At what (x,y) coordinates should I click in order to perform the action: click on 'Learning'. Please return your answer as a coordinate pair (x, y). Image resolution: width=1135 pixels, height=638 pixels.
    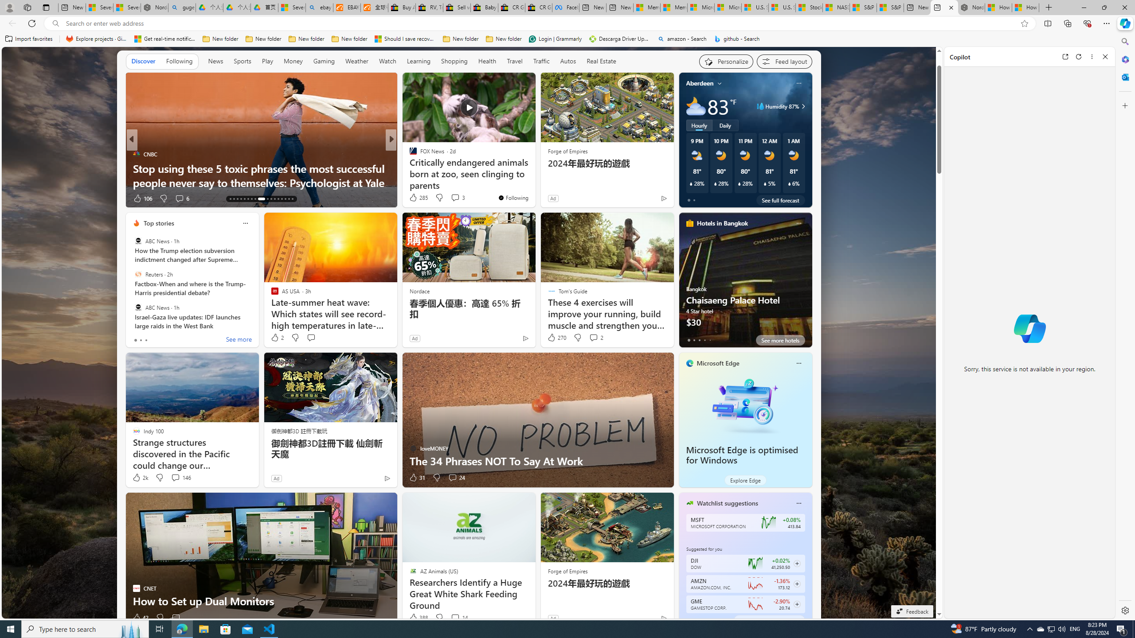
    Looking at the image, I should click on (418, 61).